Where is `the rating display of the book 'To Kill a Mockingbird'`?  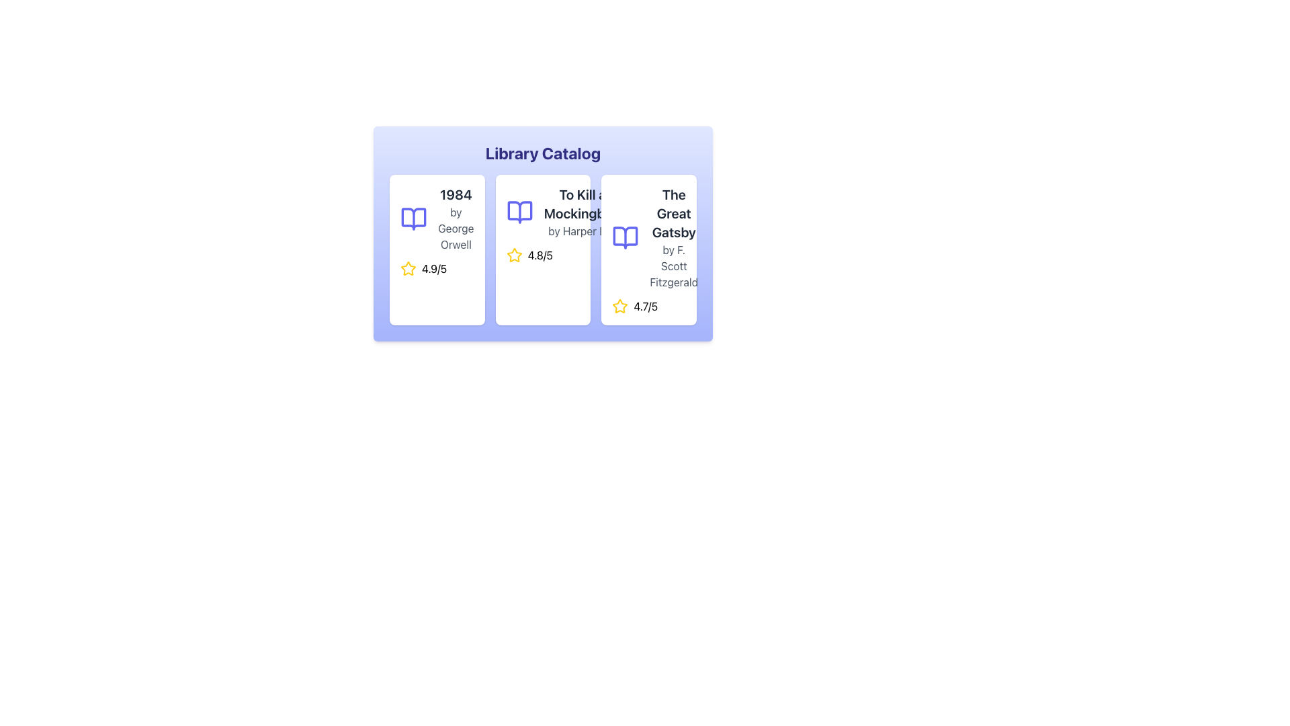
the rating display of the book 'To Kill a Mockingbird' is located at coordinates (543, 255).